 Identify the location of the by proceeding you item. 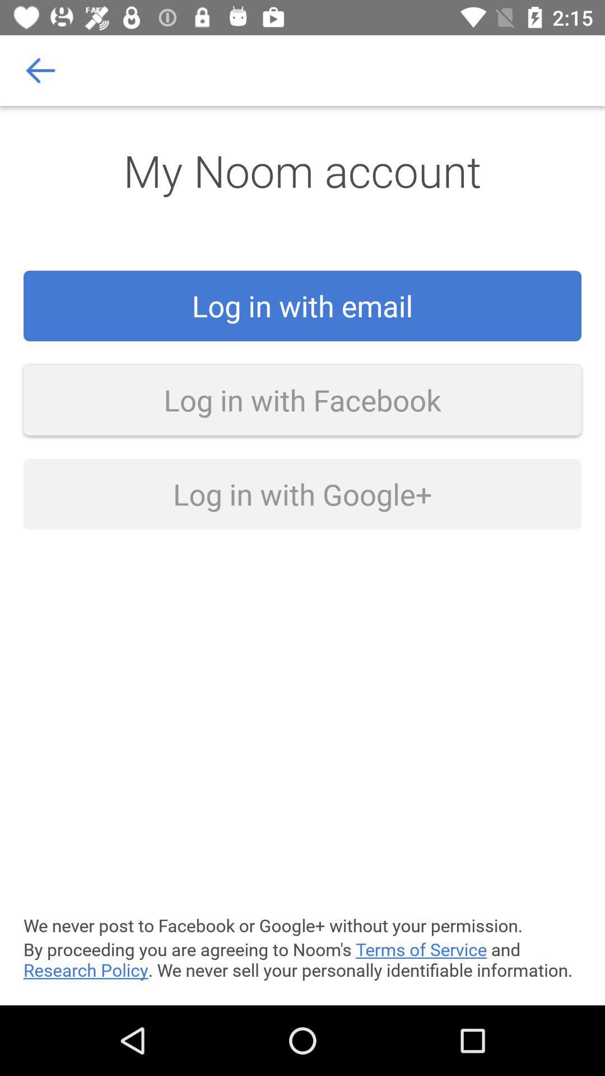
(302, 959).